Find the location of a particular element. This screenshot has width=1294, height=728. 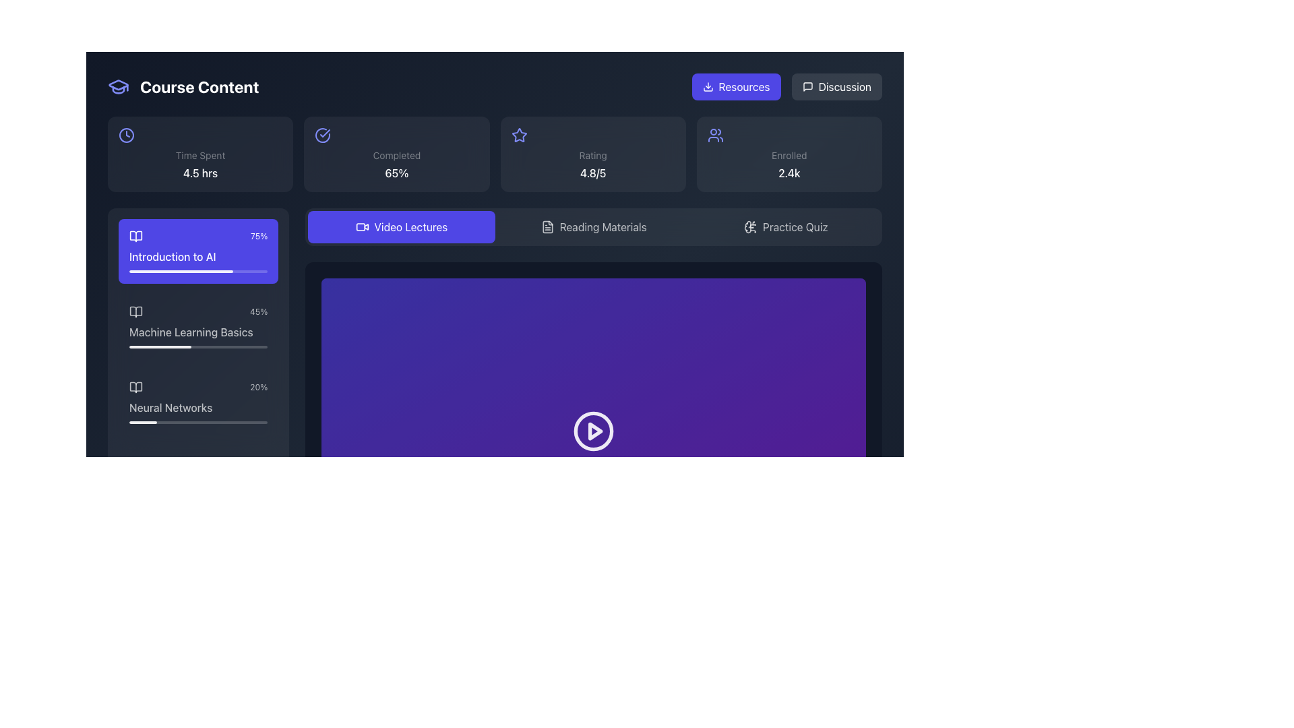

the Static Text Label that describes the number of enrolled users, located at the top-center area of the interface, above the numeric value '2.4k' is located at coordinates (789, 155).